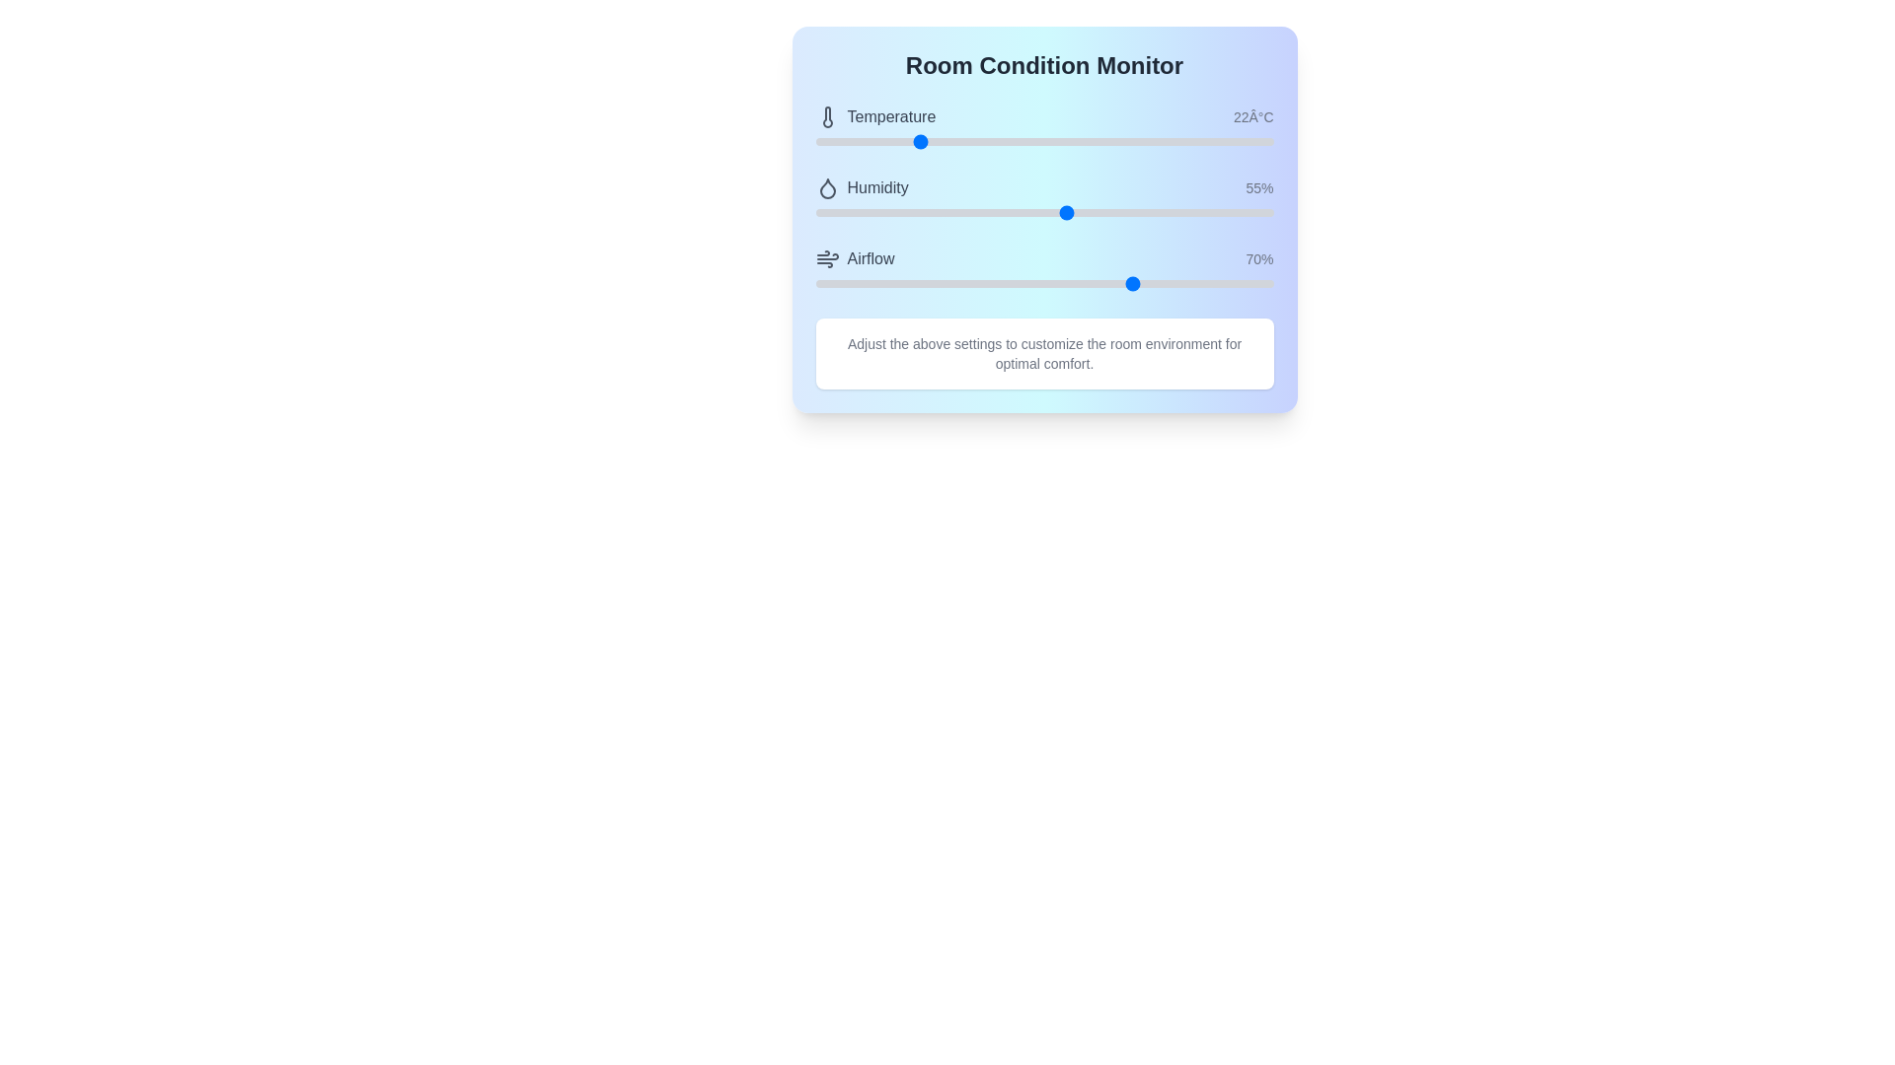 This screenshot has width=1895, height=1065. What do you see at coordinates (815, 284) in the screenshot?
I see `the airflow` at bounding box center [815, 284].